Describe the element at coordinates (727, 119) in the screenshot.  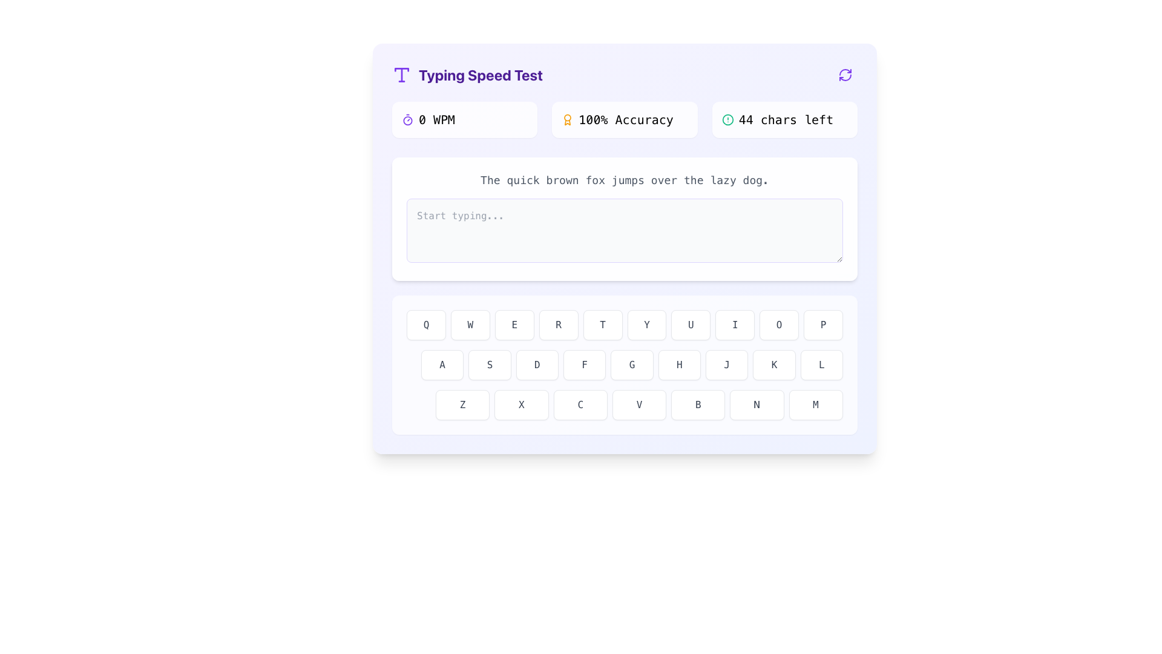
I see `the circular icon with a thin green border and a small central green line segment located to the left of the text '44 chars left'` at that location.